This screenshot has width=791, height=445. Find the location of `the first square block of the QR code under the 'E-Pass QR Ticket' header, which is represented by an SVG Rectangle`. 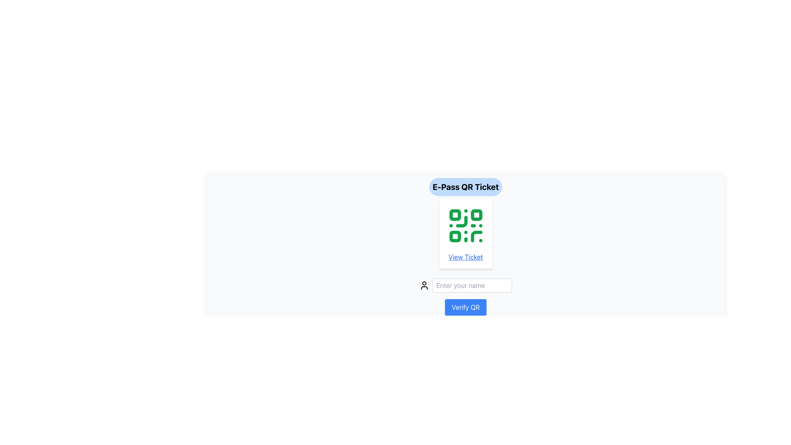

the first square block of the QR code under the 'E-Pass QR Ticket' header, which is represented by an SVG Rectangle is located at coordinates (454, 214).